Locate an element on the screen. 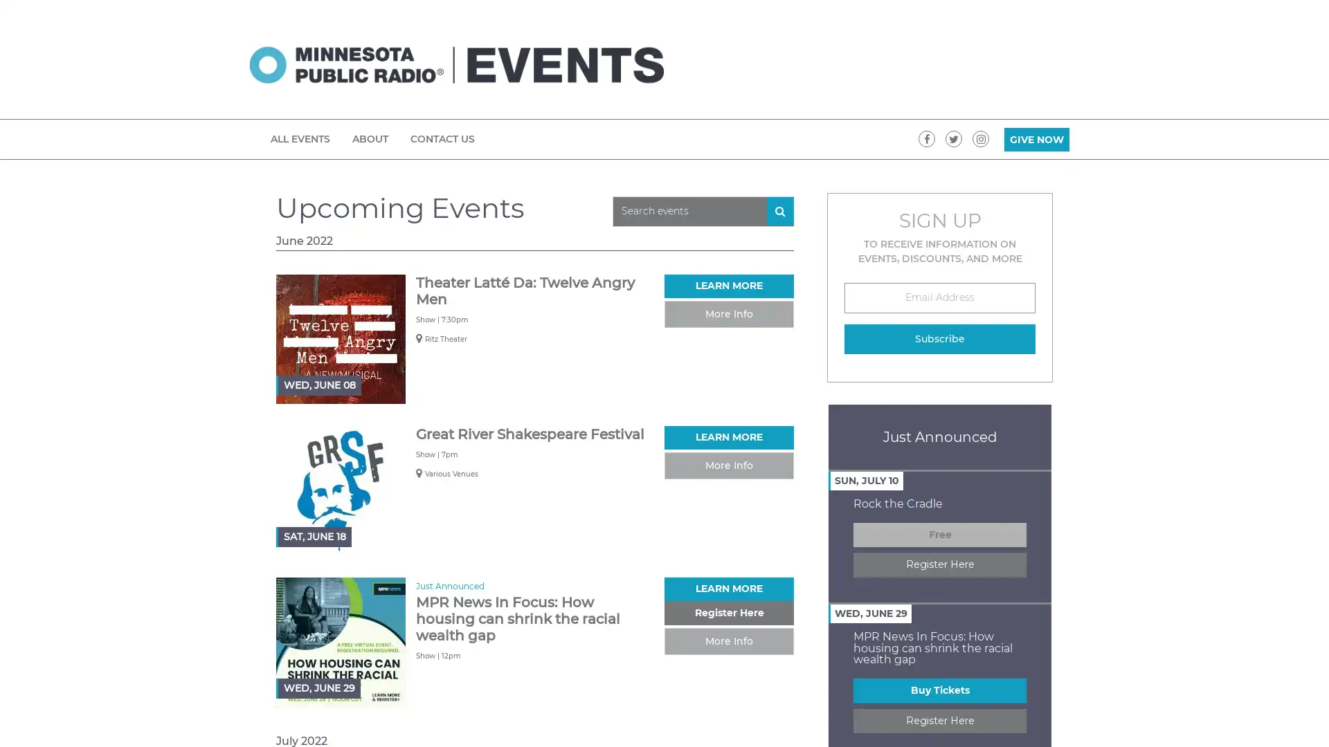 This screenshot has width=1329, height=747. Subscribe is located at coordinates (940, 338).